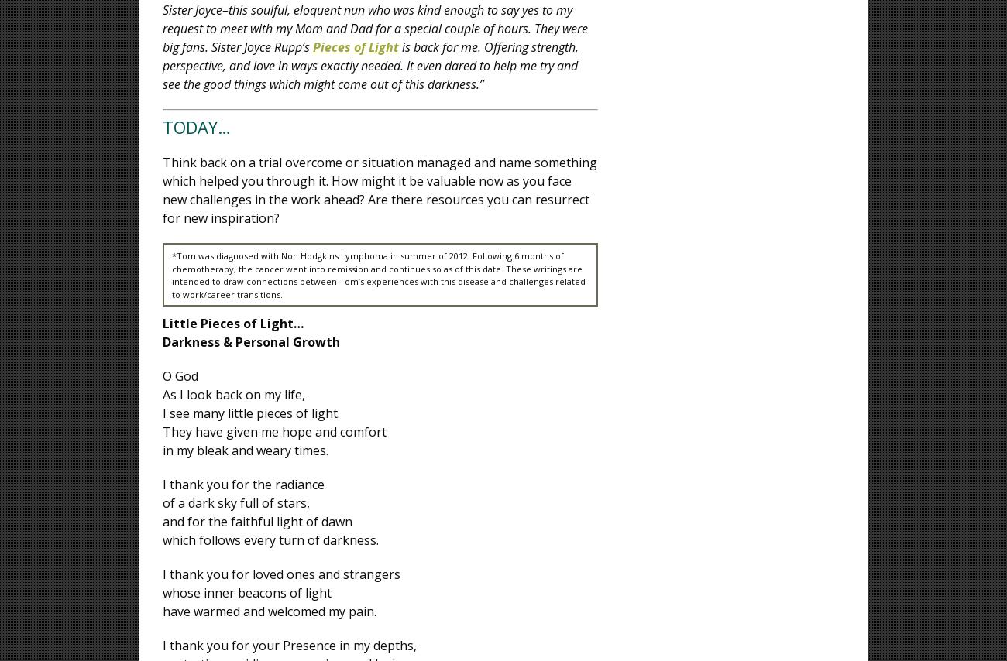  I want to click on 'which follows every turn of darkness.', so click(162, 539).